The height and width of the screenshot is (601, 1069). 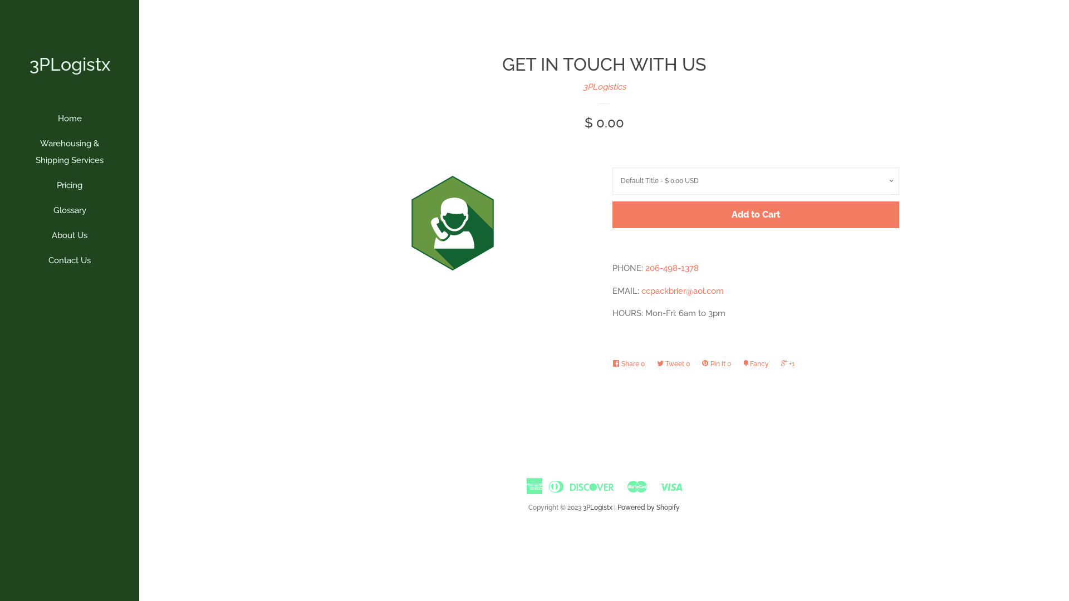 What do you see at coordinates (631, 364) in the screenshot?
I see `'Share 0'` at bounding box center [631, 364].